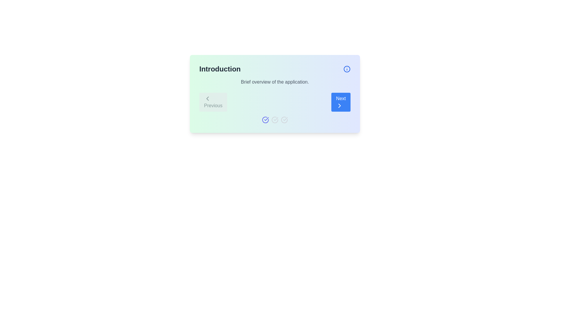  What do you see at coordinates (347, 69) in the screenshot?
I see `the circular graphical element that symbolizes the information icon located at the top-right corner of the card` at bounding box center [347, 69].